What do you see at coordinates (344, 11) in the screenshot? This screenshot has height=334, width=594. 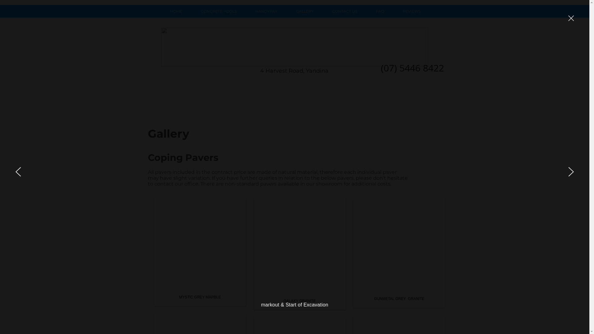 I see `'CONTACT US'` at bounding box center [344, 11].